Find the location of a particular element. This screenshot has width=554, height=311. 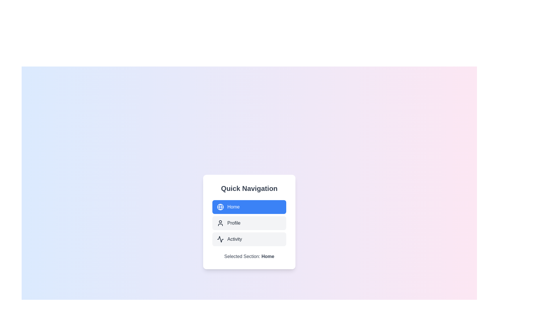

the button used is located at coordinates (249, 223).